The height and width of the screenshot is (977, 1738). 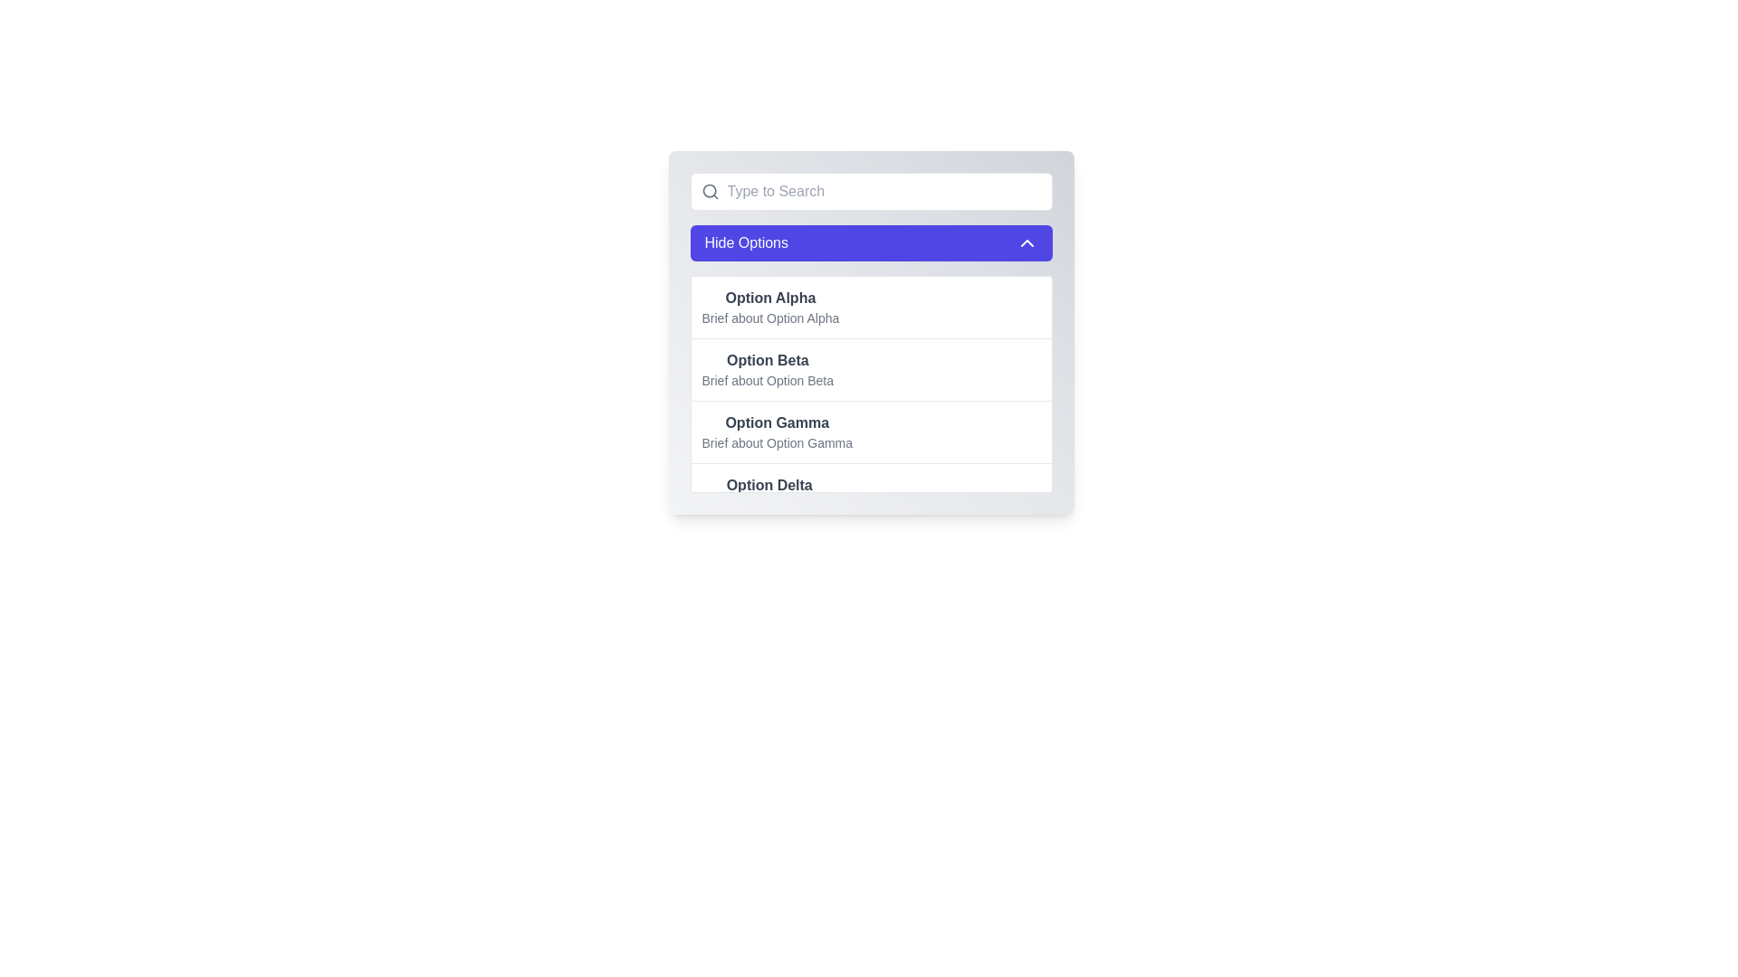 I want to click on the text label that reads 'Brief about Option Alpha,' which is styled with a smaller gray font and located directly underneath the bolded text 'Option Alpha' in the 'Hide Options' section, so click(x=770, y=317).